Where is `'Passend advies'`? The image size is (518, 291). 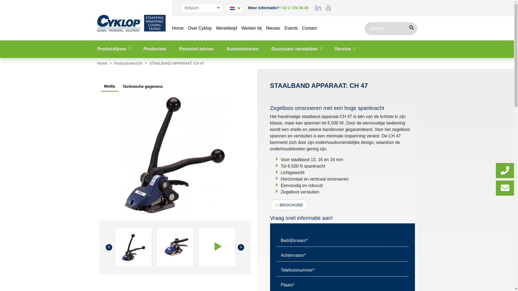 'Passend advies' is located at coordinates (196, 49).